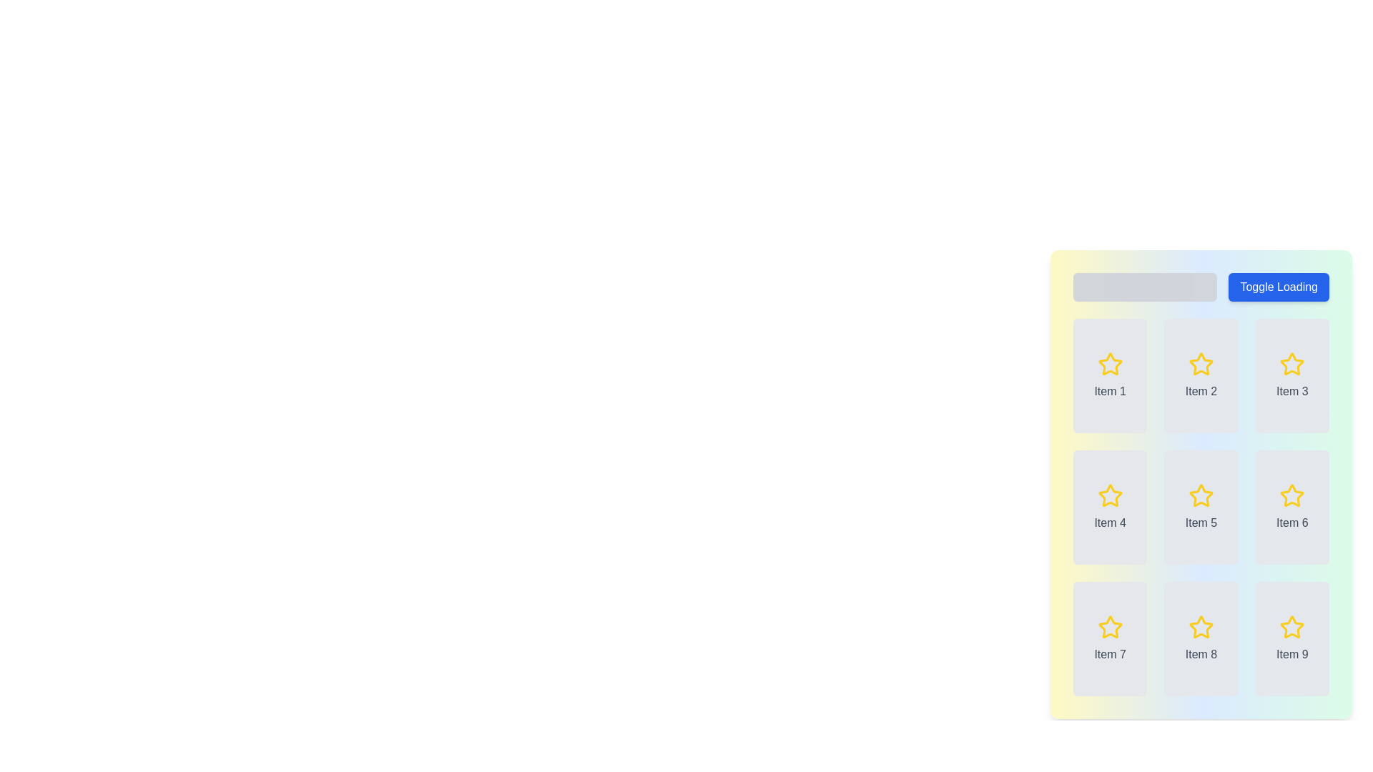 The width and height of the screenshot is (1373, 772). Describe the element at coordinates (1201, 506) in the screenshot. I see `Card with a light gray background, rounded corners, and a centered yellow star icon above the text 'Item 5', located in the second row, middle column of a 3x3 grid` at that location.